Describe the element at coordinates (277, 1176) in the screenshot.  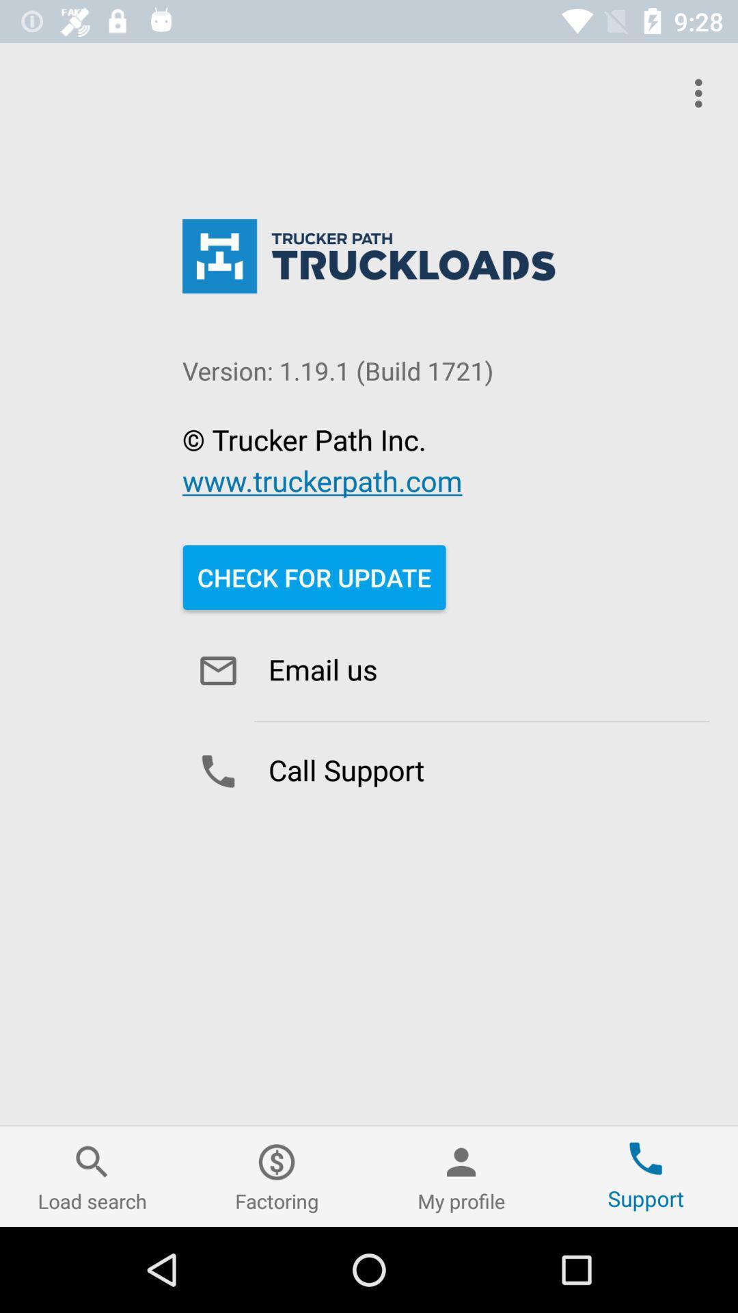
I see `item next to the my profile icon` at that location.